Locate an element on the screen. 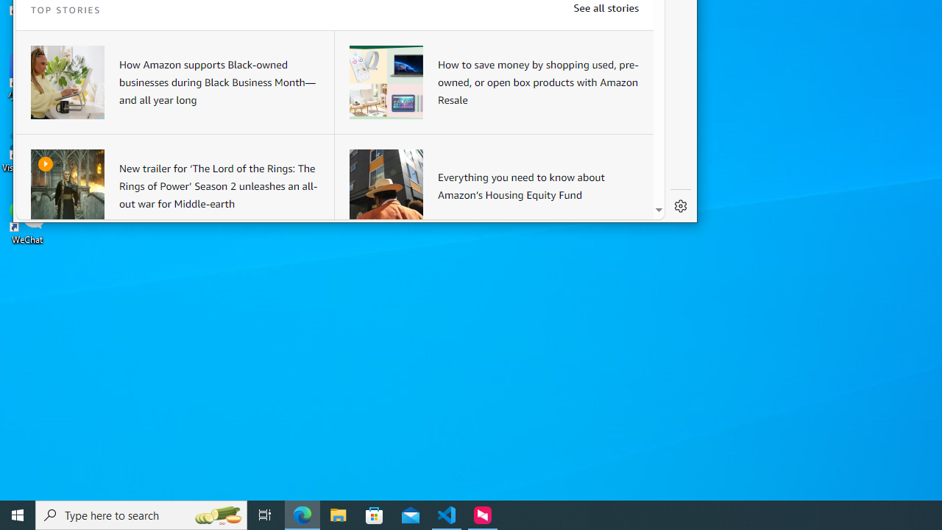  'Start' is located at coordinates (18, 514).